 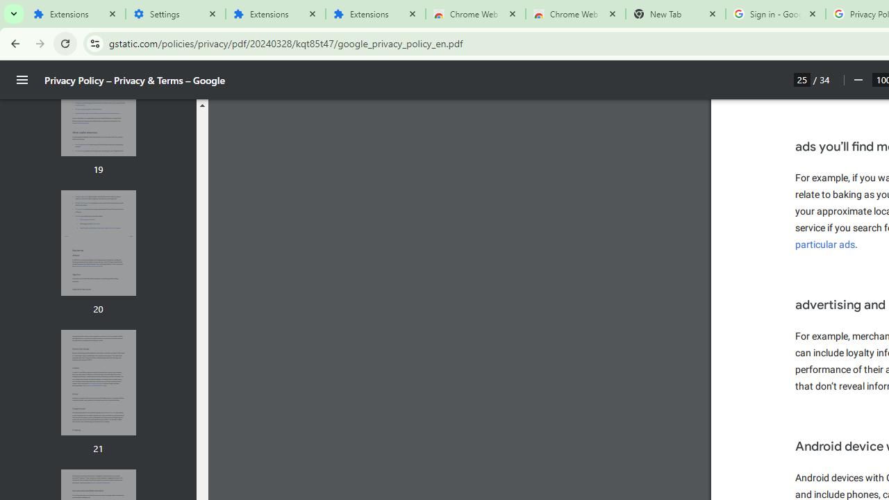 What do you see at coordinates (774, 14) in the screenshot?
I see `'Sign in - Google Accounts'` at bounding box center [774, 14].